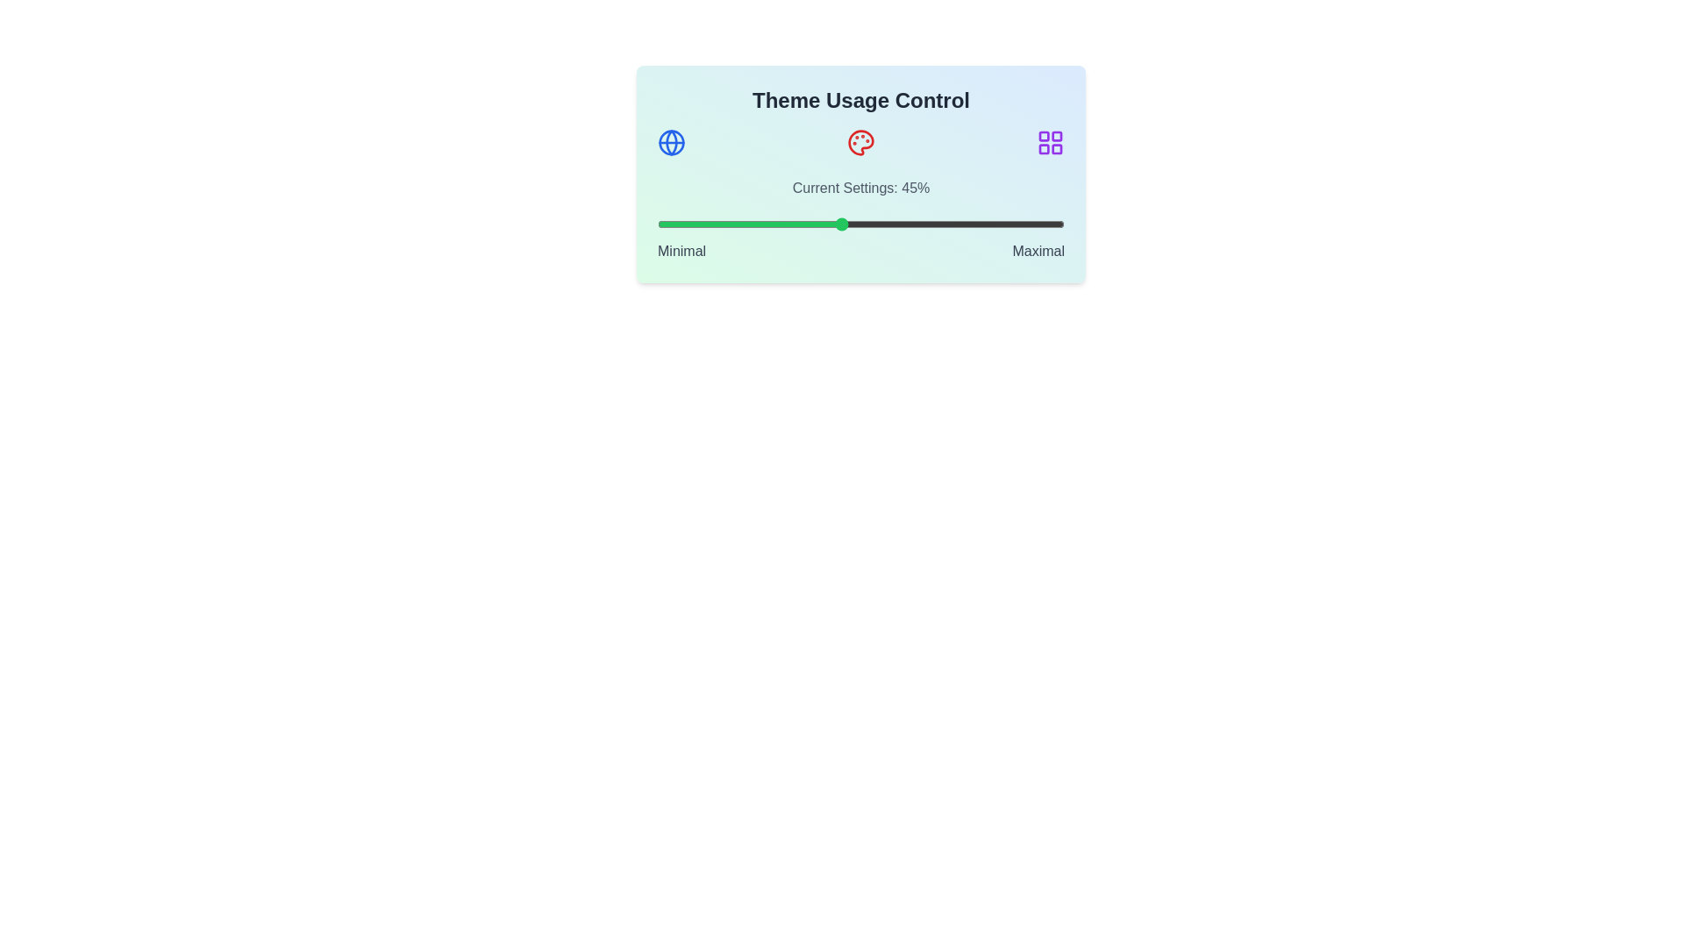 Image resolution: width=1684 pixels, height=947 pixels. I want to click on the Palette icon to select the theme, so click(861, 141).